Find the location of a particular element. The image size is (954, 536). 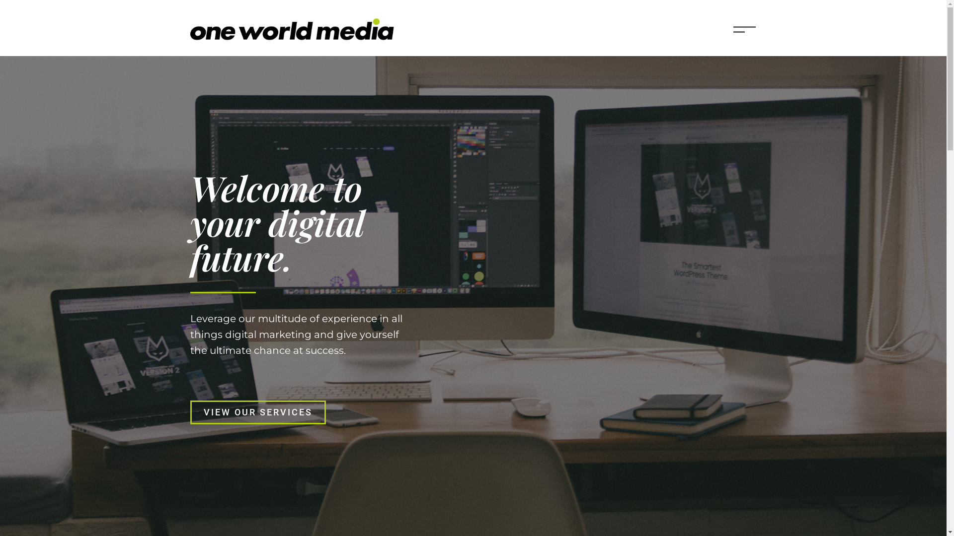

'VIEW OUR SERVICES' is located at coordinates (257, 412).